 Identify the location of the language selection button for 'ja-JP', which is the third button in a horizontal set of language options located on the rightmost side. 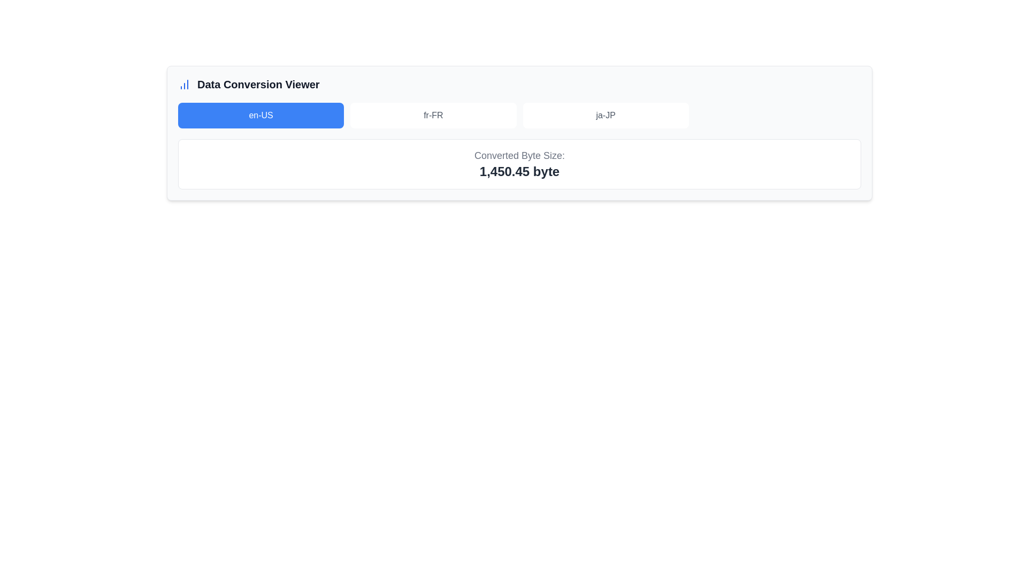
(606, 116).